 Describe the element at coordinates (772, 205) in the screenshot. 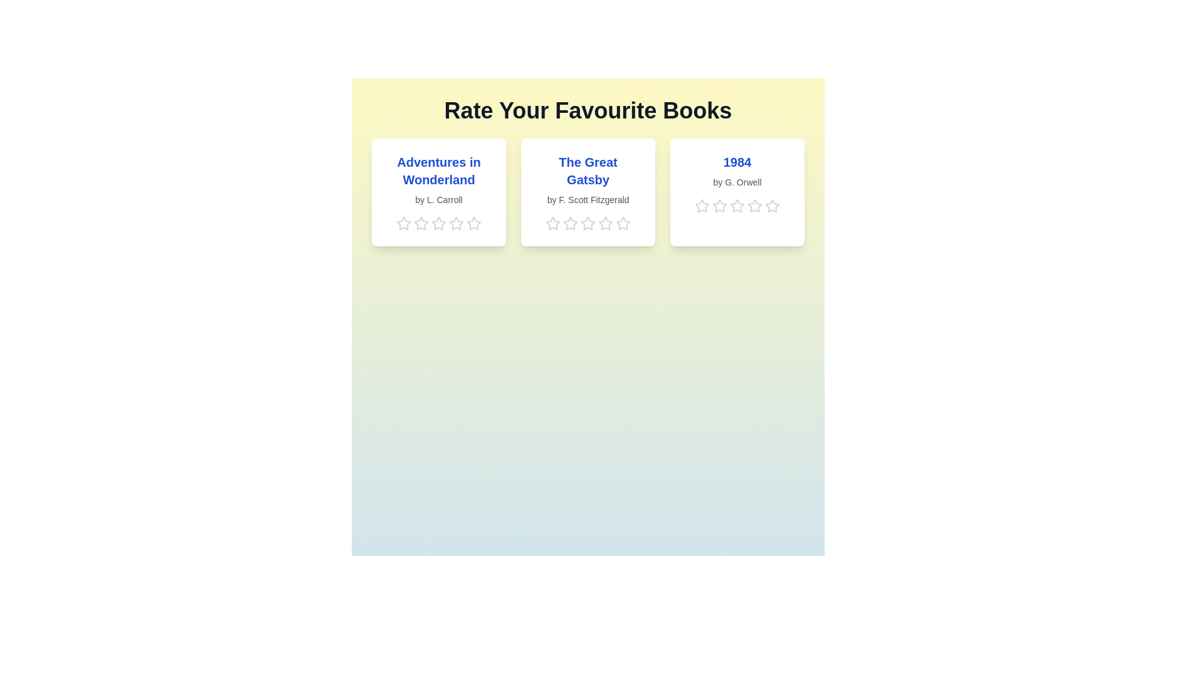

I see `the 5 star for the book titled '1984'` at that location.